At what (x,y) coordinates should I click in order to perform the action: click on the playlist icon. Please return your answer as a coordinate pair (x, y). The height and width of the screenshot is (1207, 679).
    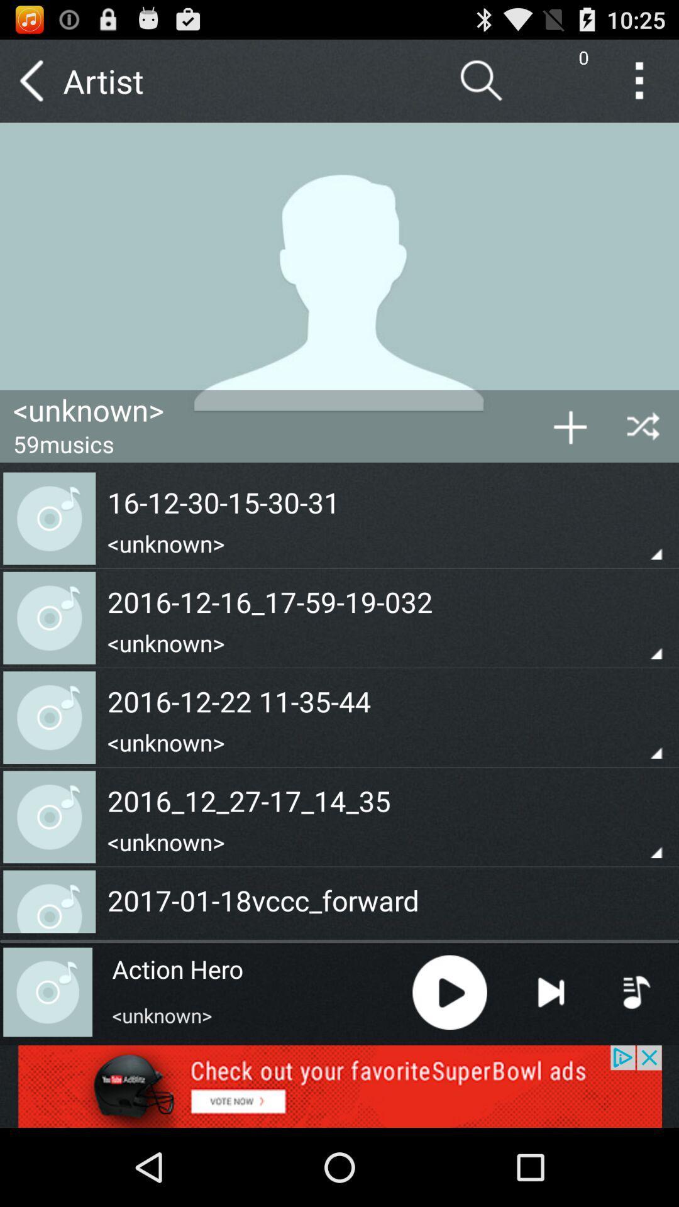
    Looking at the image, I should click on (636, 1061).